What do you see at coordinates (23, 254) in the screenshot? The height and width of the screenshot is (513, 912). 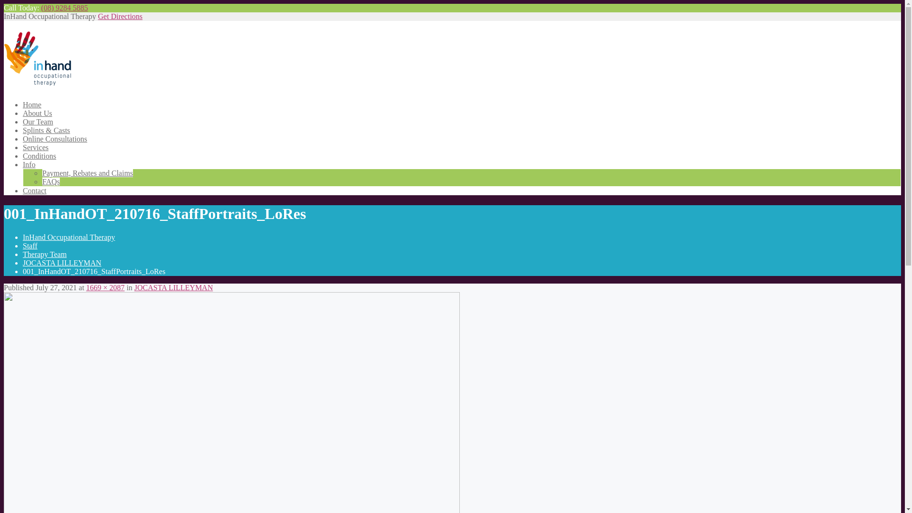 I see `'Therapy Team'` at bounding box center [23, 254].